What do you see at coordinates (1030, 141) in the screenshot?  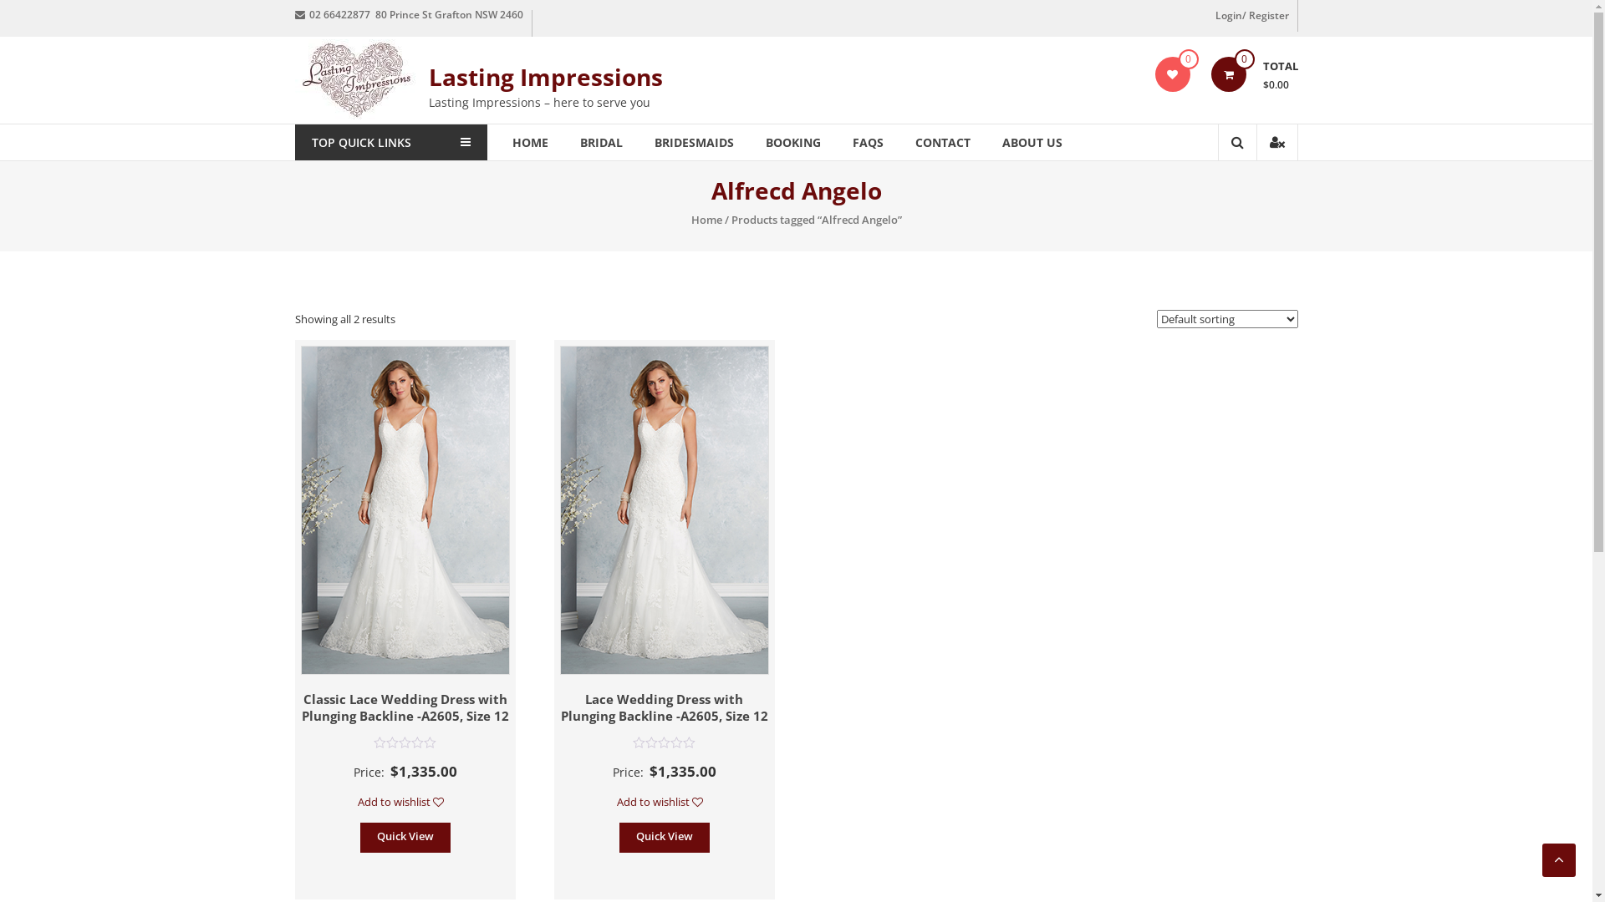 I see `'ABOUT US'` at bounding box center [1030, 141].